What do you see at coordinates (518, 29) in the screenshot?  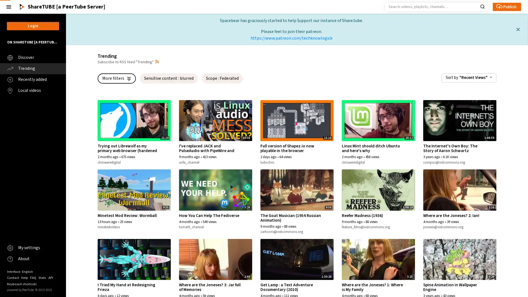 I see `Close this message` at bounding box center [518, 29].